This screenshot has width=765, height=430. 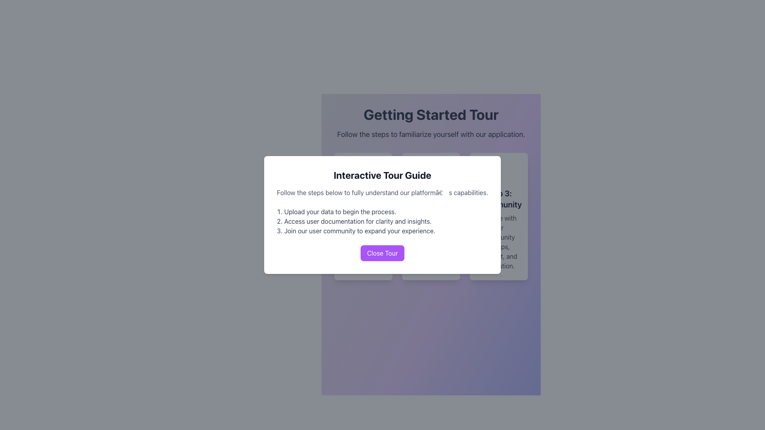 I want to click on the text providing encouragement about engaging with the community, located beneath the title 'Step 3: Community.', so click(x=498, y=242).